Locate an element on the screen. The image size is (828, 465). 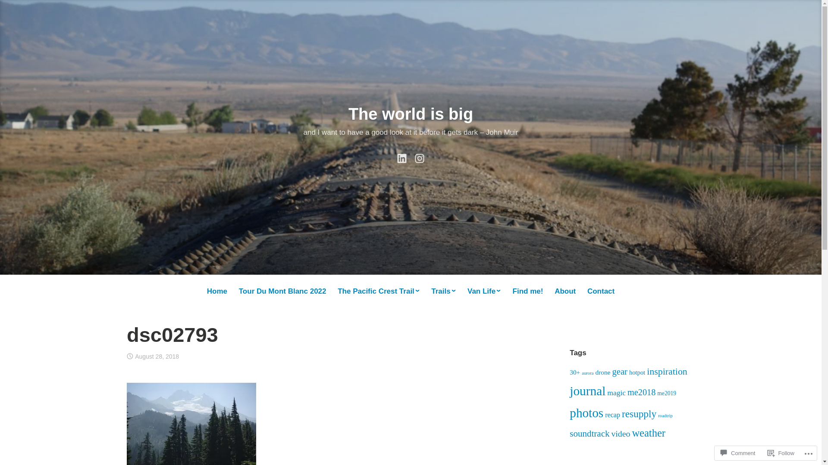
'inspiration' is located at coordinates (666, 371).